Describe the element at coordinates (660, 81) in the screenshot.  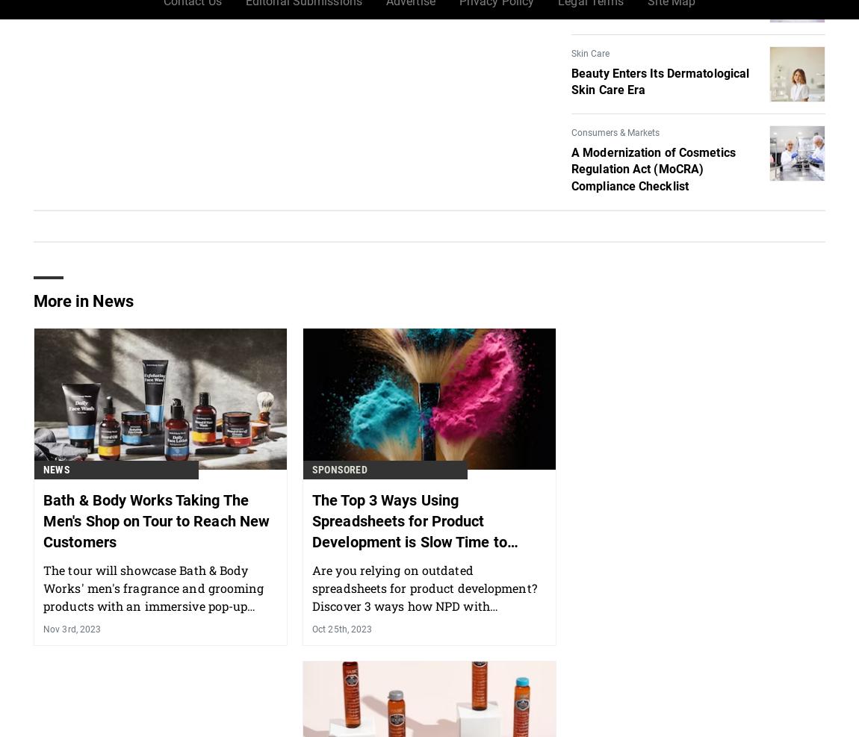
I see `'Beauty Enters Its Dermatological Skin Care Era'` at that location.